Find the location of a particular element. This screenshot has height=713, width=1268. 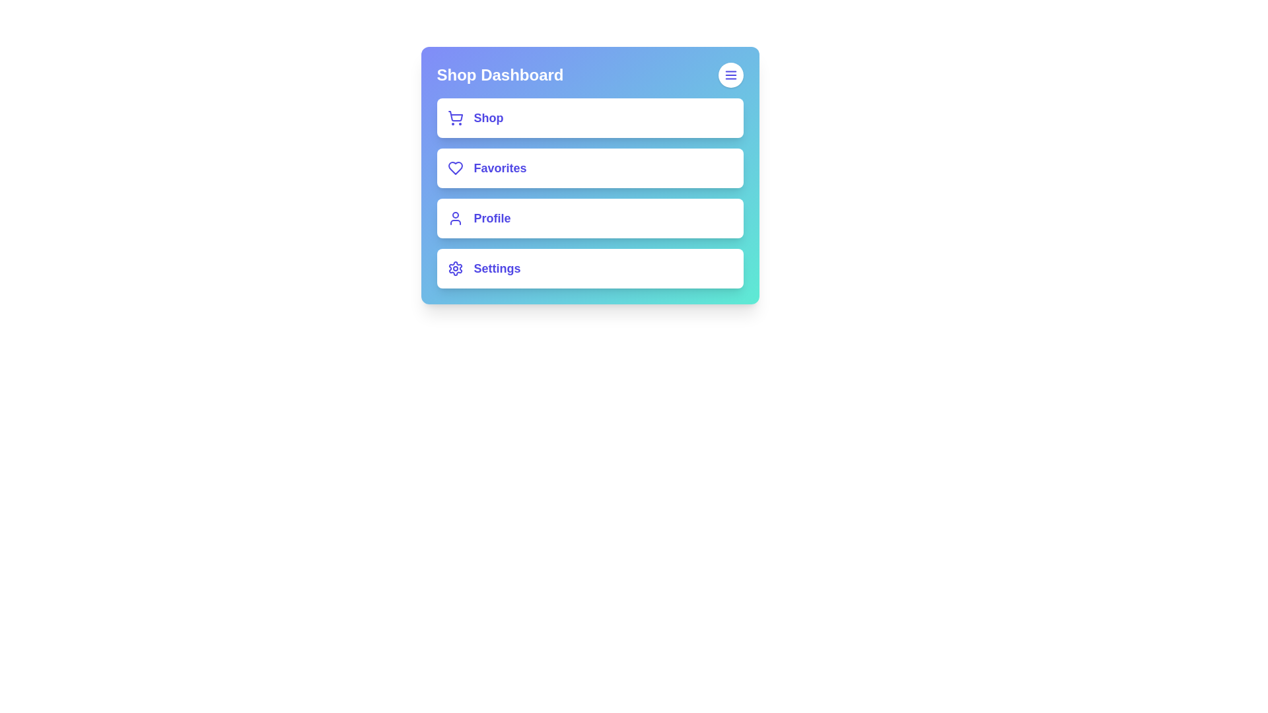

the 'Shop' option in the menu is located at coordinates (589, 117).